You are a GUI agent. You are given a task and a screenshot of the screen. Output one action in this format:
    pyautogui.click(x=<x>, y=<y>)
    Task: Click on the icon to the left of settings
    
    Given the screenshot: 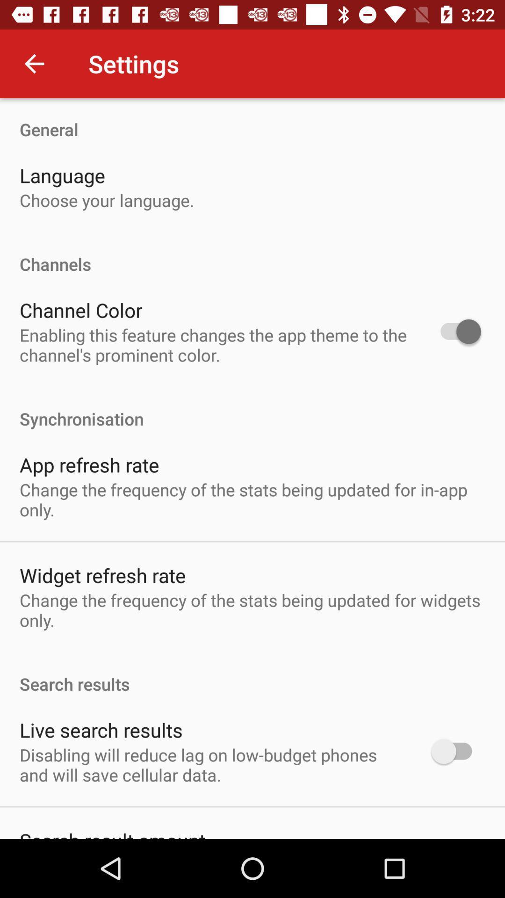 What is the action you would take?
    pyautogui.click(x=34, y=63)
    